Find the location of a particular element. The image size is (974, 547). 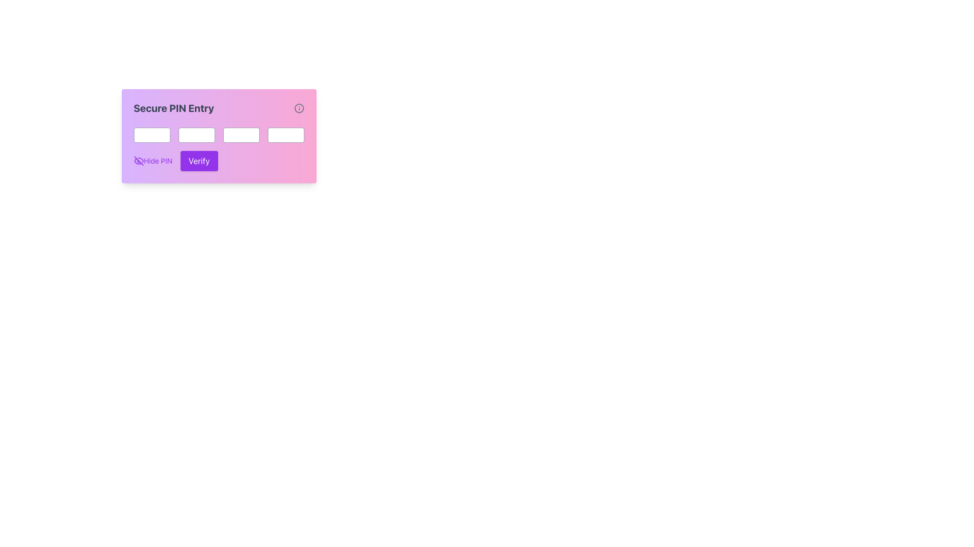

the purple eye-off icon button is located at coordinates (138, 160).